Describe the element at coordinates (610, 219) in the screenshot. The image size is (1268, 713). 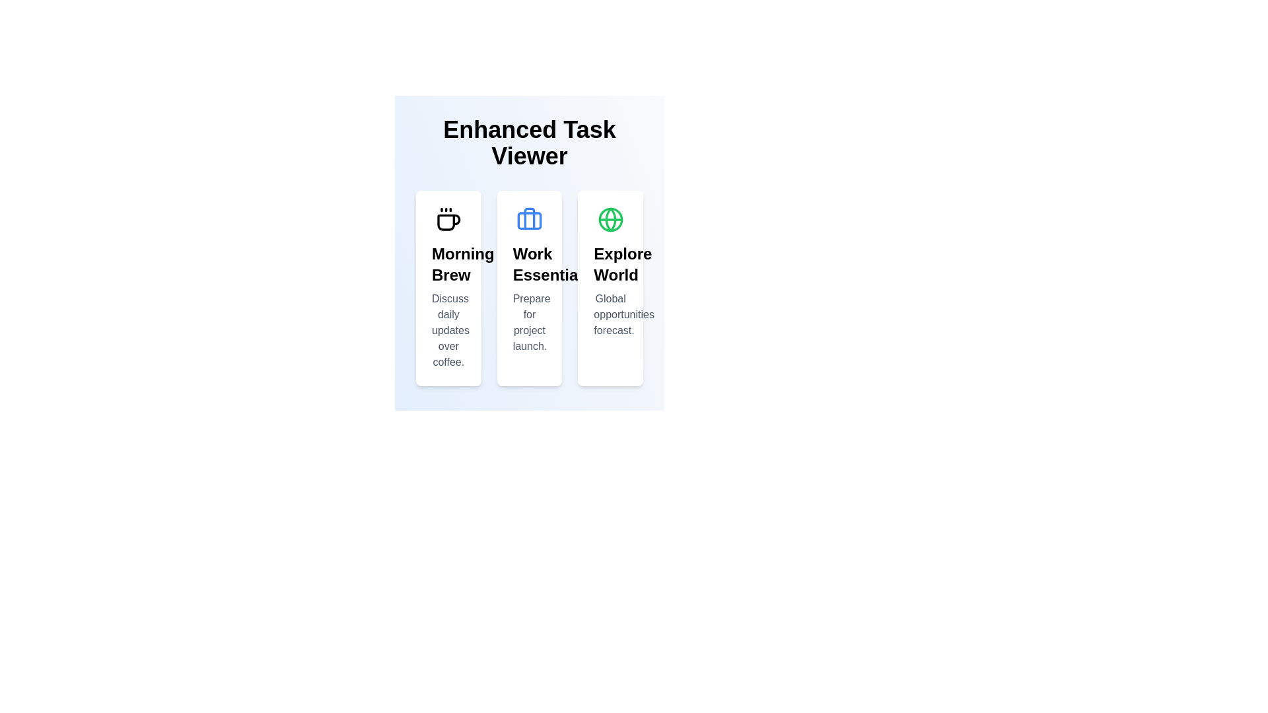
I see `the central circular part of the green globe icon in the 'Explore World' section, located in the third card of the layout` at that location.